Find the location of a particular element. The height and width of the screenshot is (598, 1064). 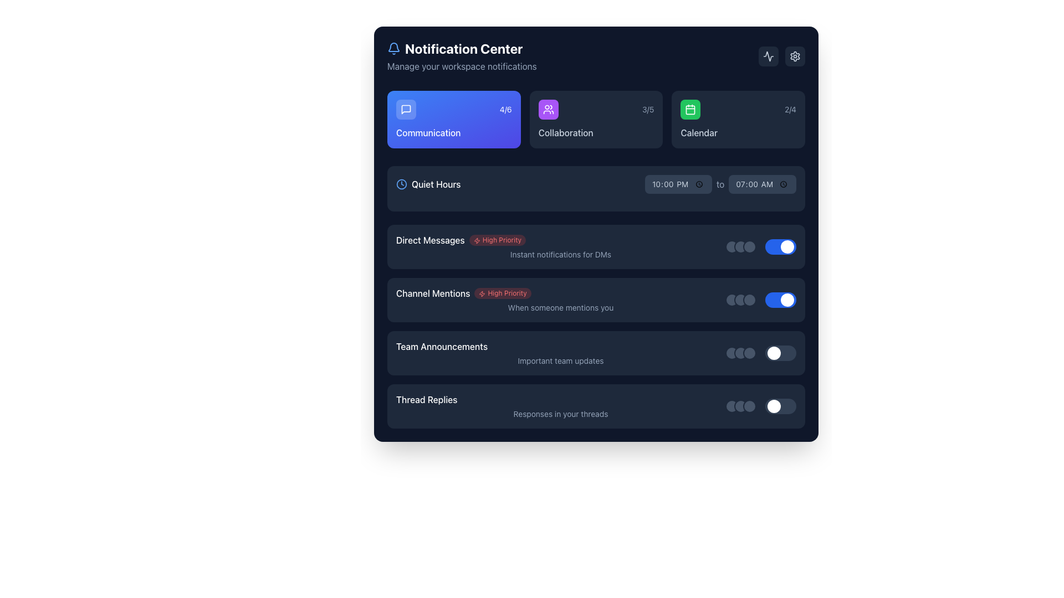

the small rectangular decorative element with rounded corners, styled in green, located within the SVG structure of the calendar icon in the notification interface is located at coordinates (690, 110).